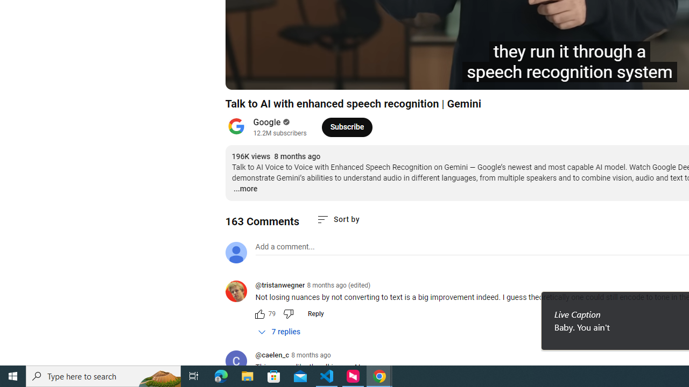 The width and height of the screenshot is (689, 387). I want to click on '7 replies', so click(279, 331).